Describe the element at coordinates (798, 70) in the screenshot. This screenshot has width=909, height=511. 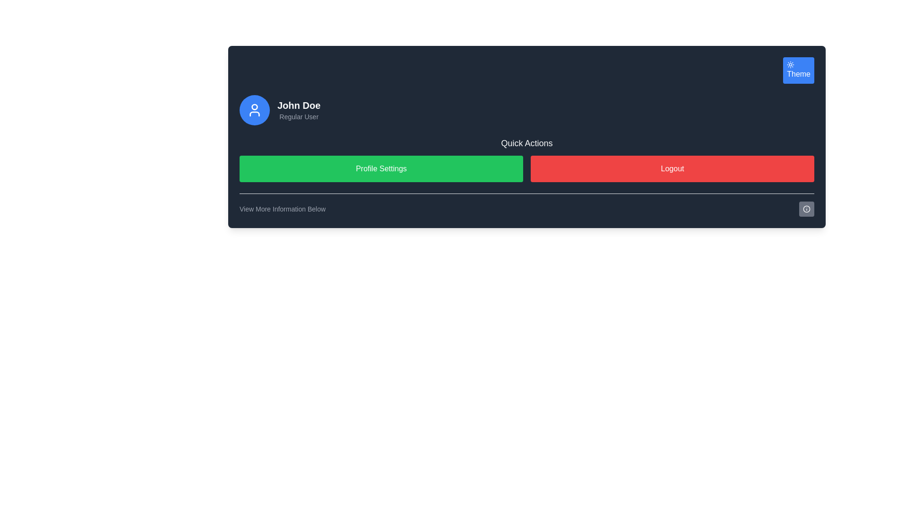
I see `the 'Theme' button with a blue background and white text` at that location.